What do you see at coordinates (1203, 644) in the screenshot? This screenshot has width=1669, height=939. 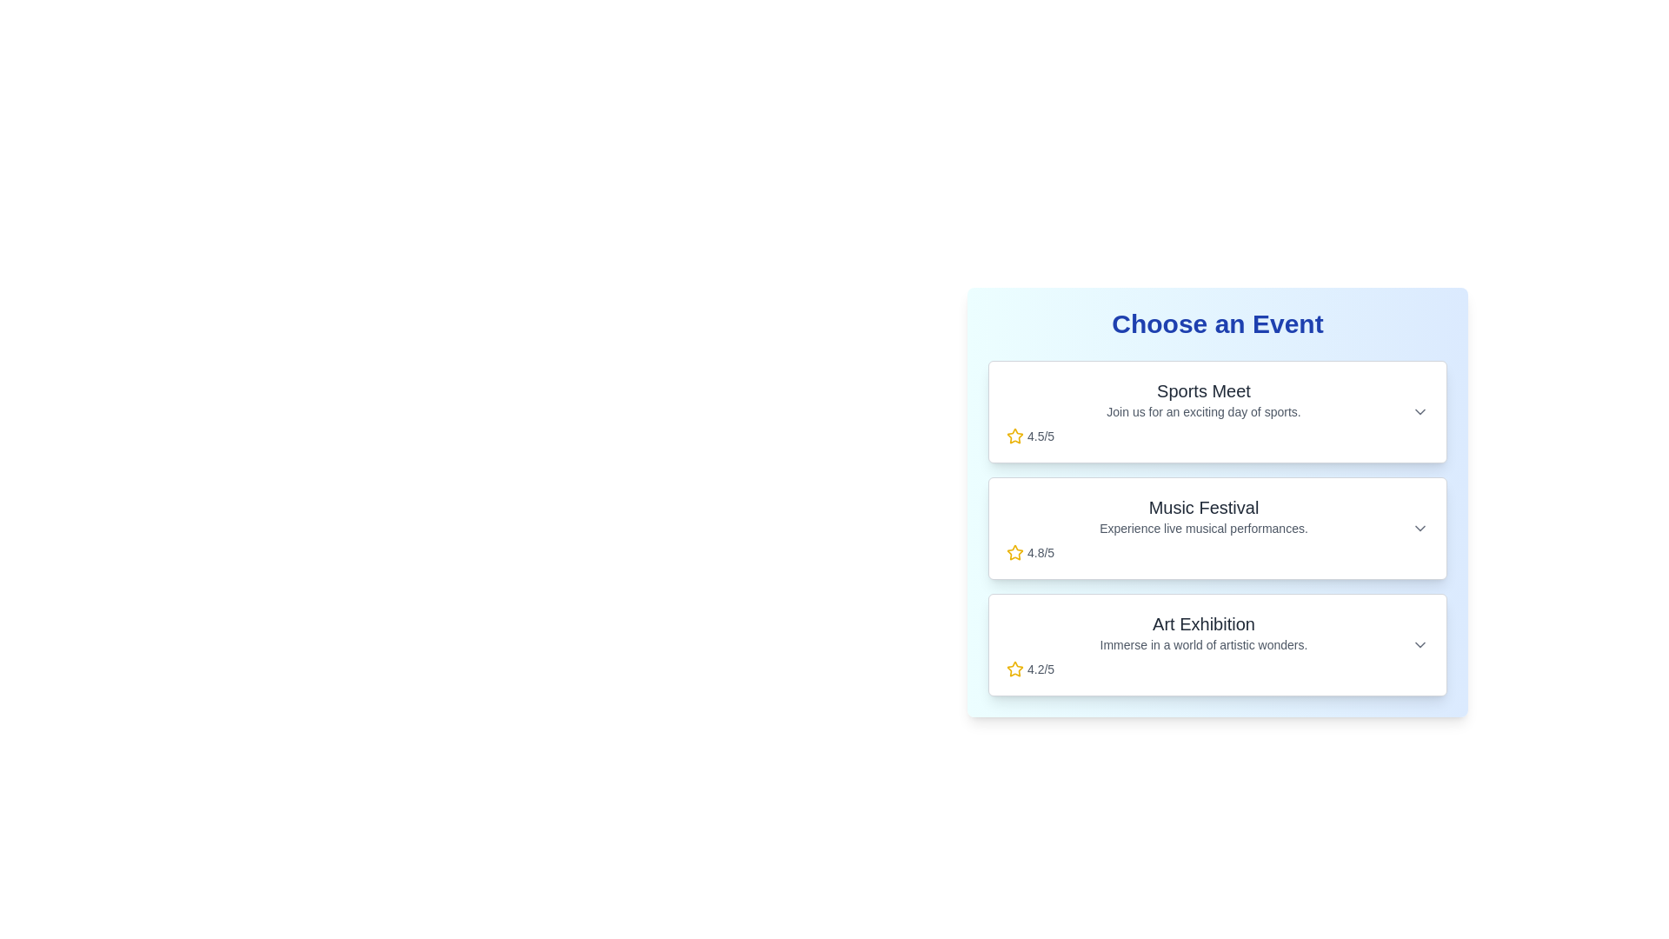 I see `the descriptive subtitle text label for the 'Art Exhibition' section, which is located below the title 'Art Exhibition' and above the rating '4.2/5'` at bounding box center [1203, 644].